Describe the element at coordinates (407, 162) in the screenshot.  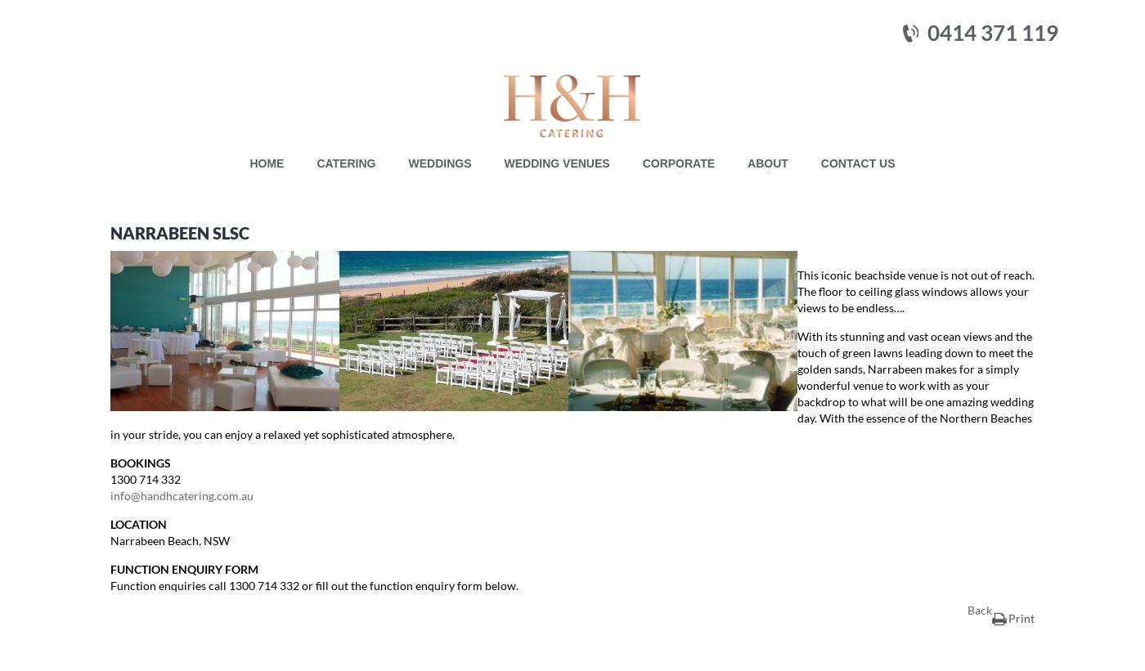
I see `'WEDDINGS'` at that location.